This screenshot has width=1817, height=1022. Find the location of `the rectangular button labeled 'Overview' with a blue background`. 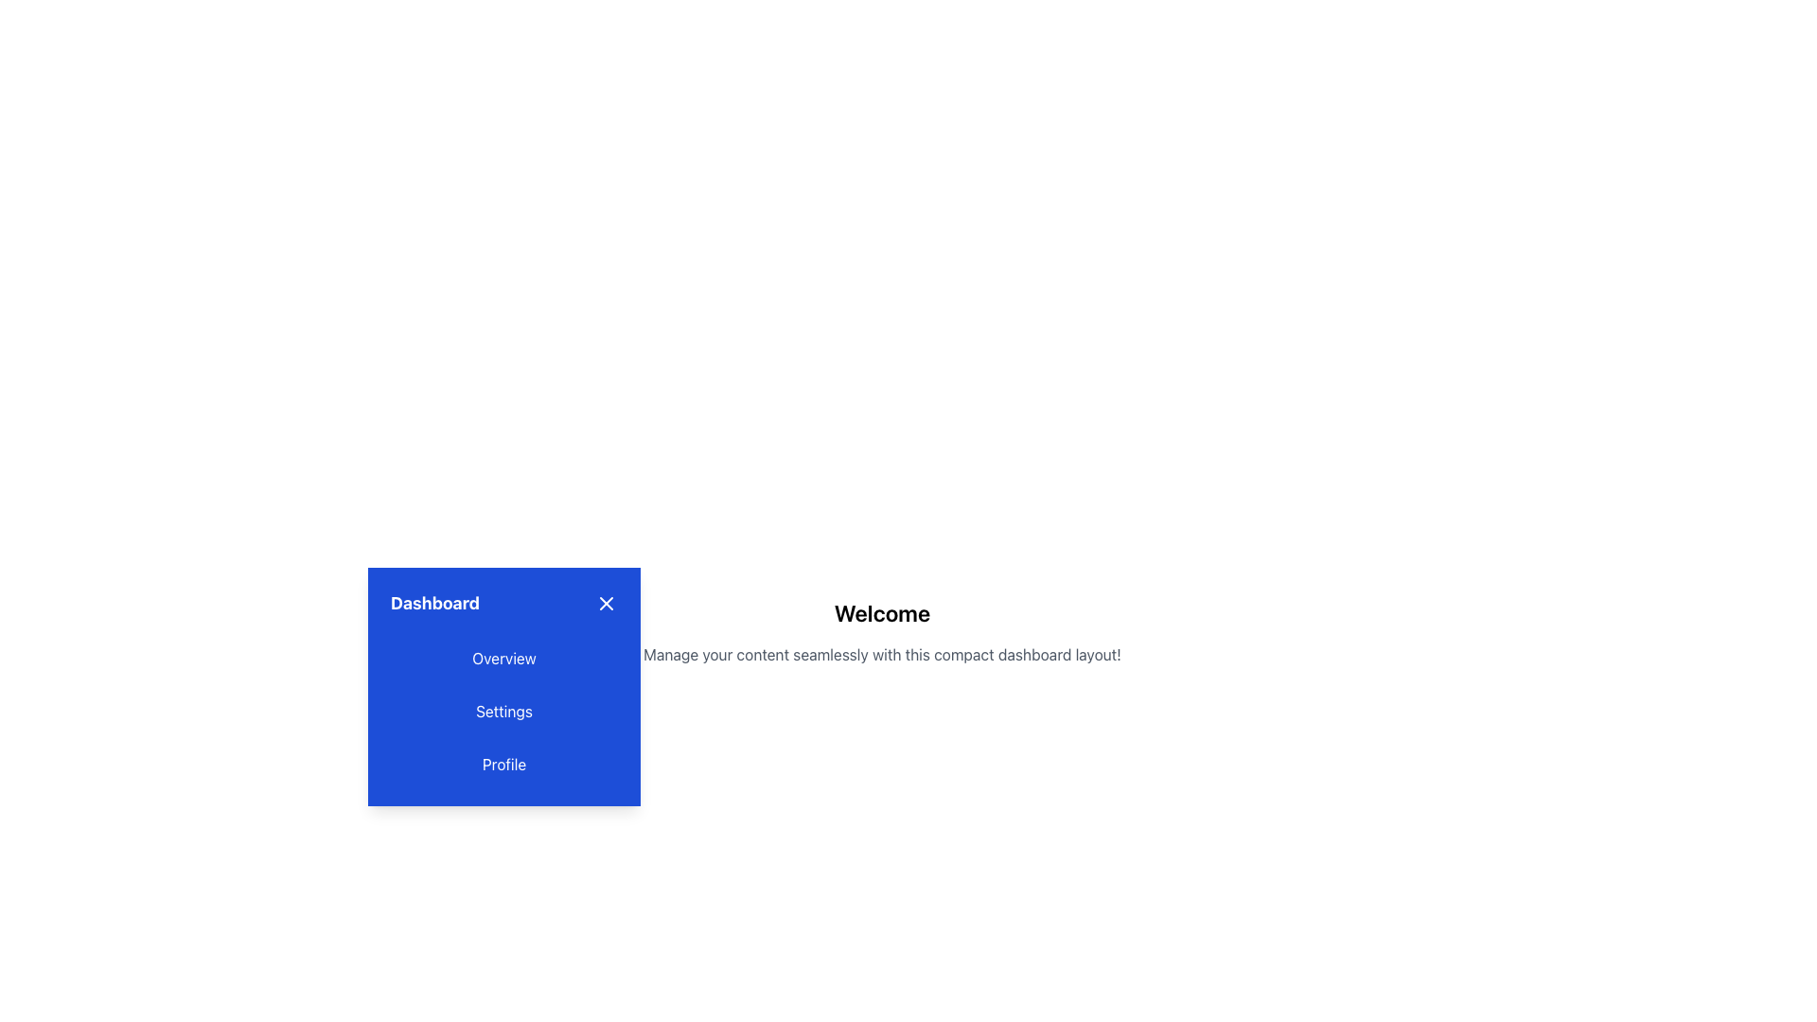

the rectangular button labeled 'Overview' with a blue background is located at coordinates (503, 657).